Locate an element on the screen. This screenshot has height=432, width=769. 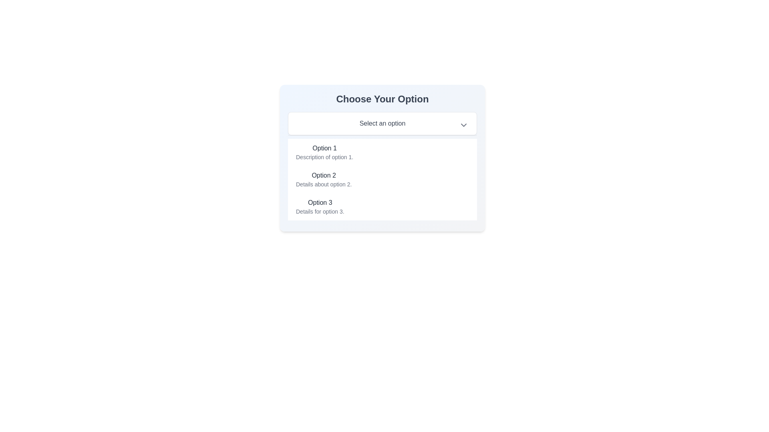
the text label displaying 'Option 2' in bold dark gray font, which is positioned in the middle of the dropdown content, above the description text 'Details about option 2' is located at coordinates (324, 175).